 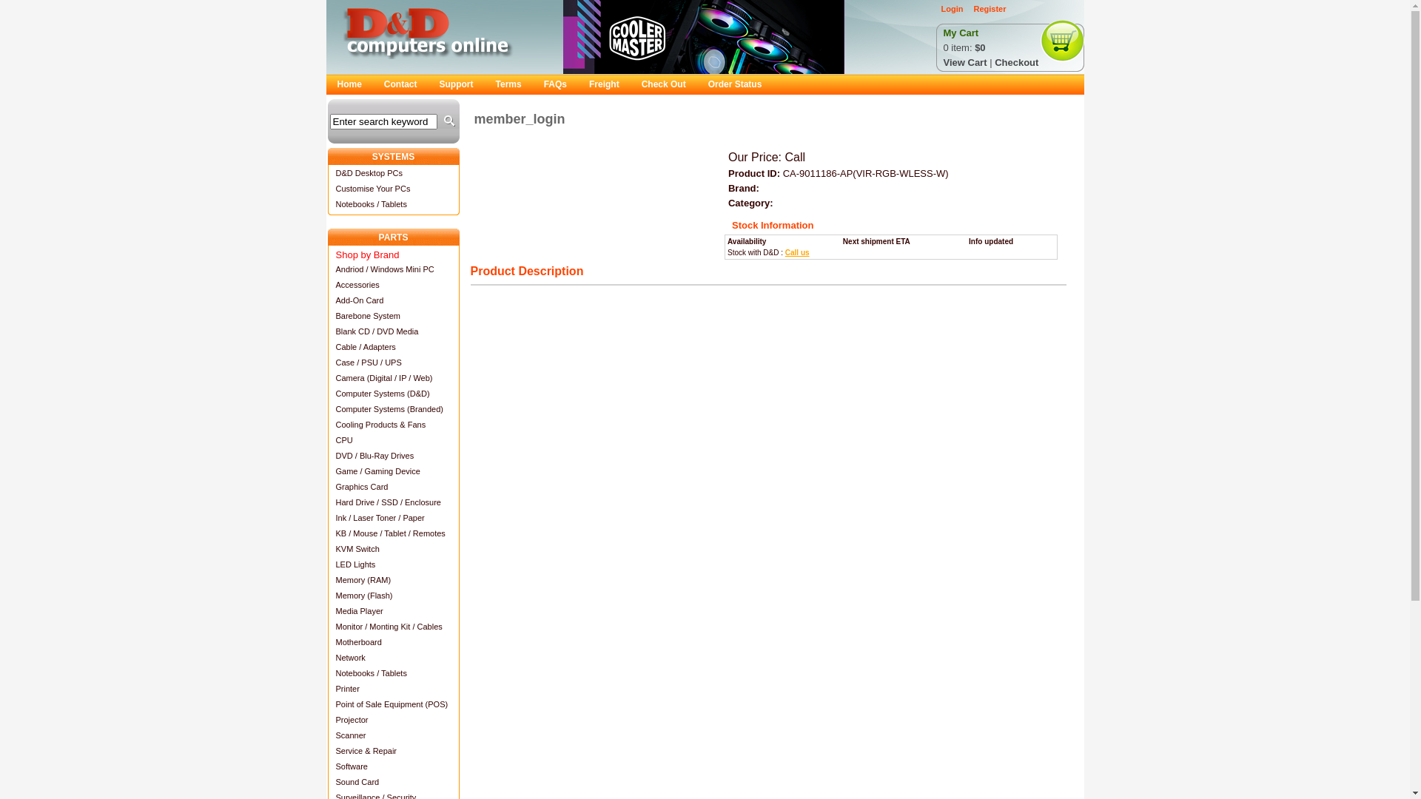 I want to click on 'Scanner', so click(x=393, y=735).